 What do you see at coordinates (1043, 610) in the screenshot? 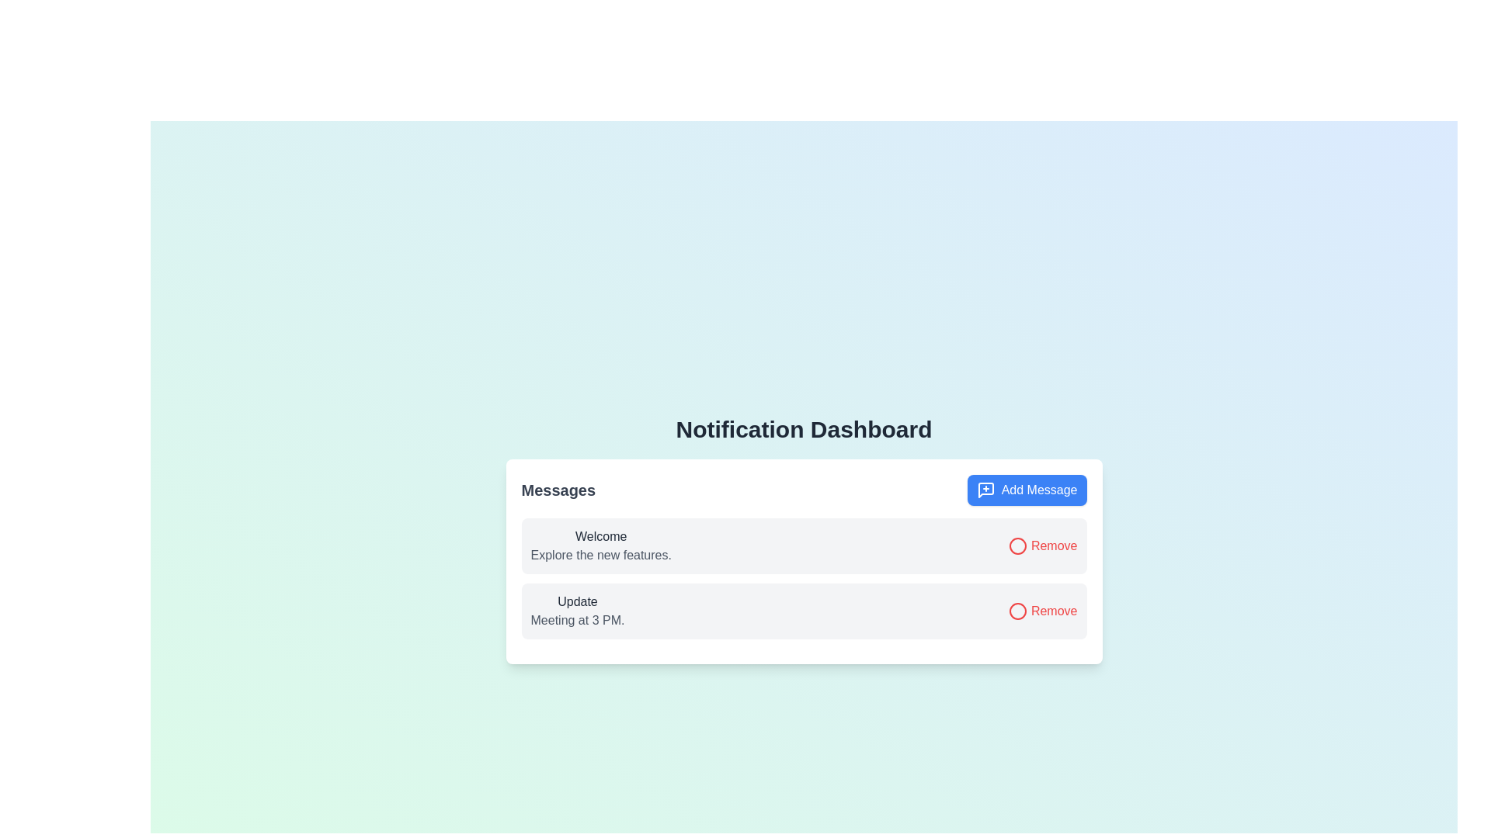
I see `the remove button located at the bottom-right corner of the card for the message 'Meeting at 3 PM.'` at bounding box center [1043, 610].